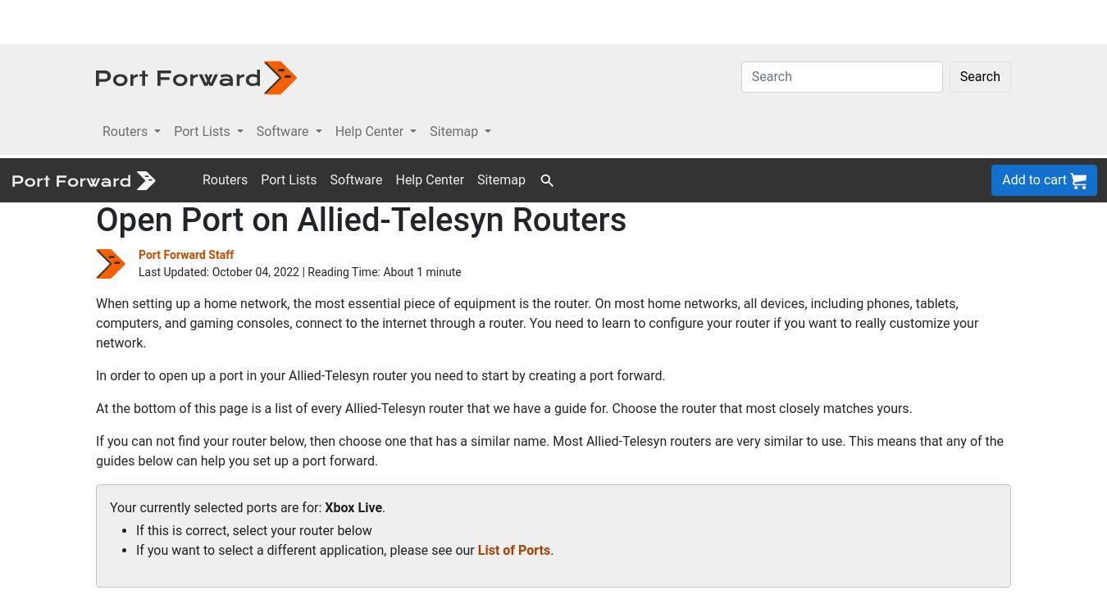  What do you see at coordinates (1036, 20) in the screenshot?
I see `'Add to cart'` at bounding box center [1036, 20].